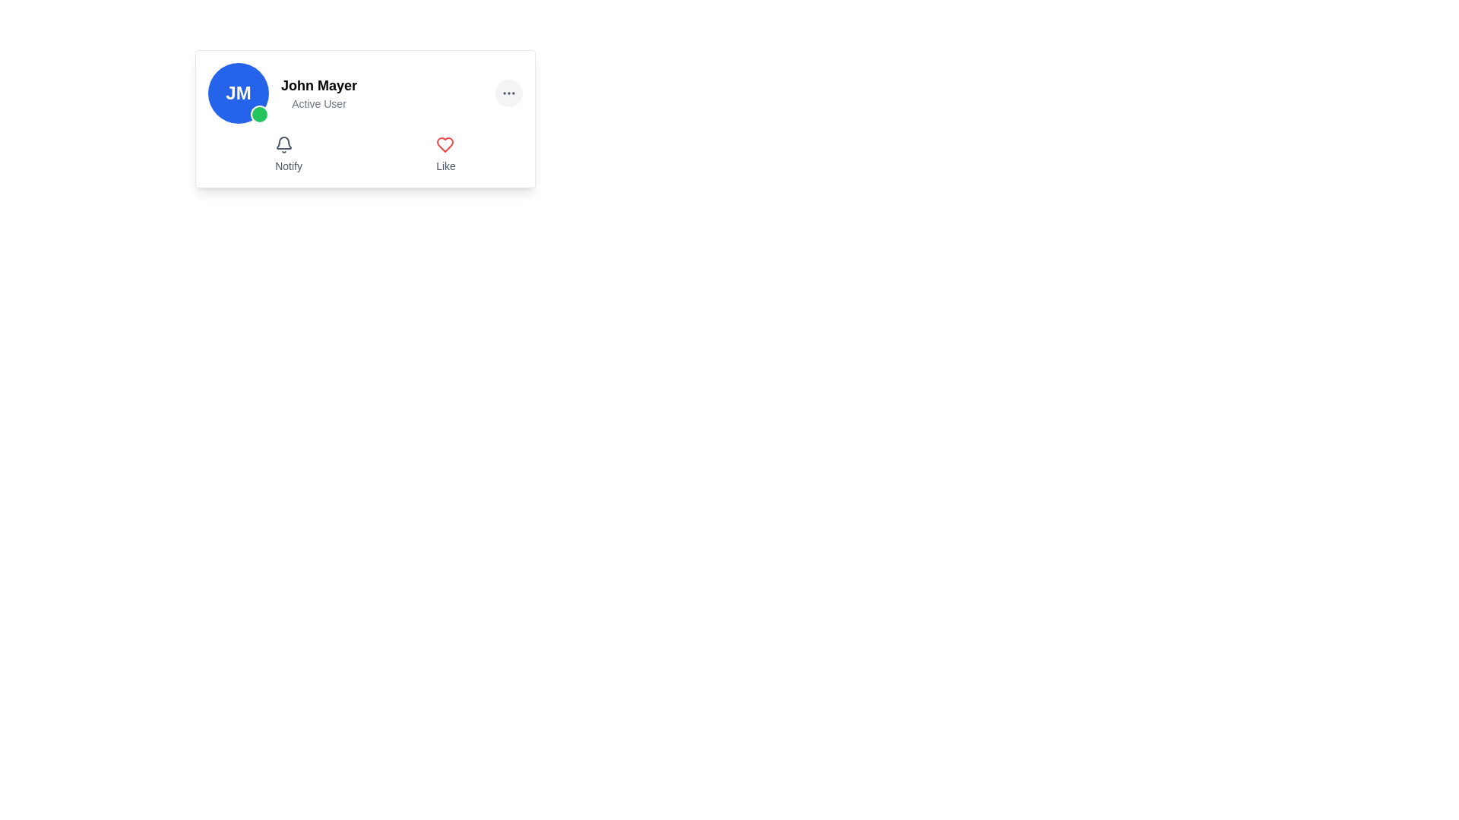  I want to click on the leftmost notification icon located in the top-right corner of the 'John Mayer - Active User' card interface for notification-related actions, so click(284, 143).